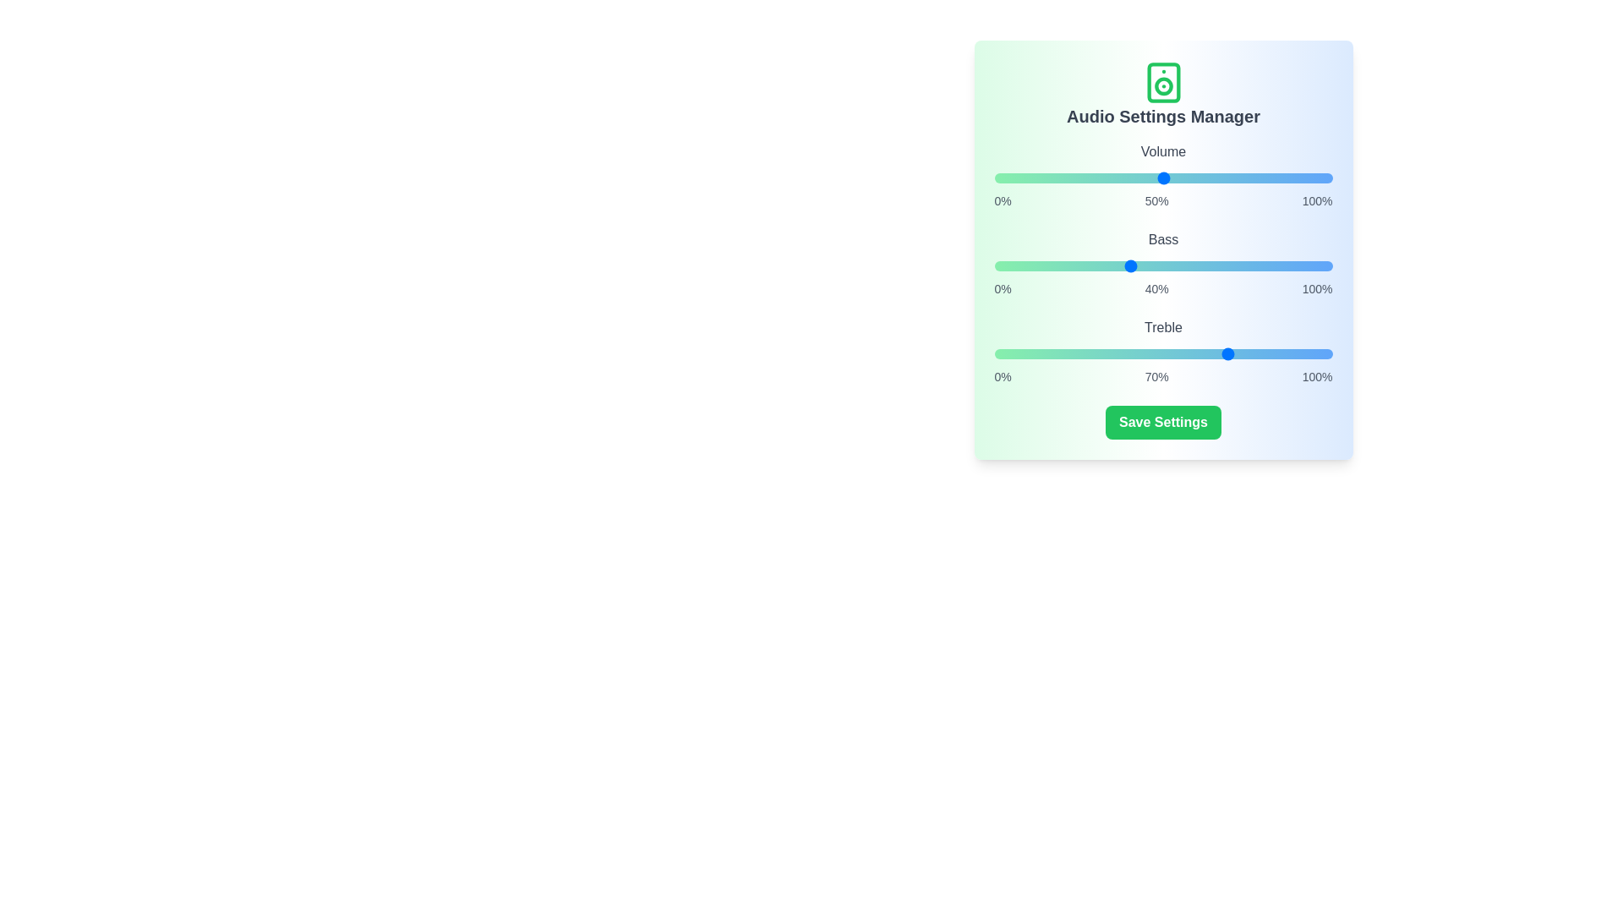 The image size is (1623, 913). What do you see at coordinates (1162, 422) in the screenshot?
I see `'Save Settings' button to save the current audio settings` at bounding box center [1162, 422].